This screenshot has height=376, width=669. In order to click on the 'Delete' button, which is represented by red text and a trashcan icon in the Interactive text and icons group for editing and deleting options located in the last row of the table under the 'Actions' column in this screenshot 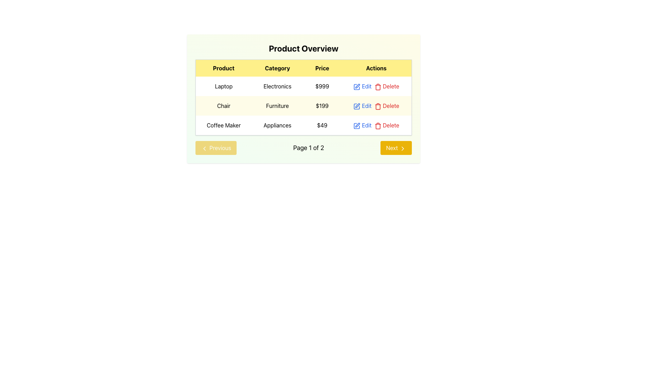, I will do `click(376, 125)`.